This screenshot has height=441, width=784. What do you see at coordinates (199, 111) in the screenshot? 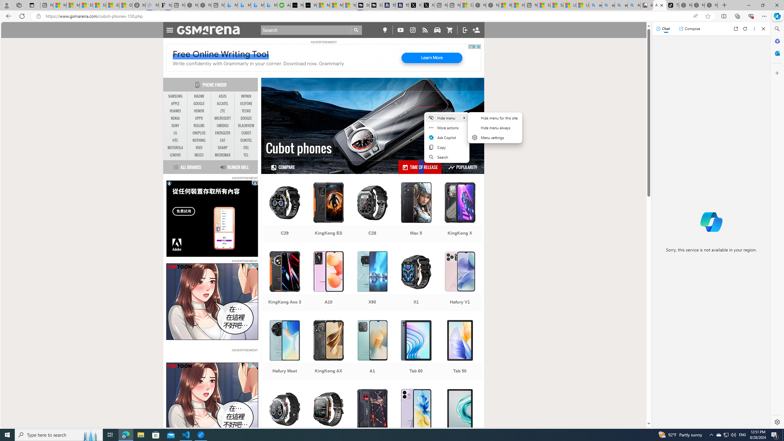
I see `'HONOR'` at bounding box center [199, 111].